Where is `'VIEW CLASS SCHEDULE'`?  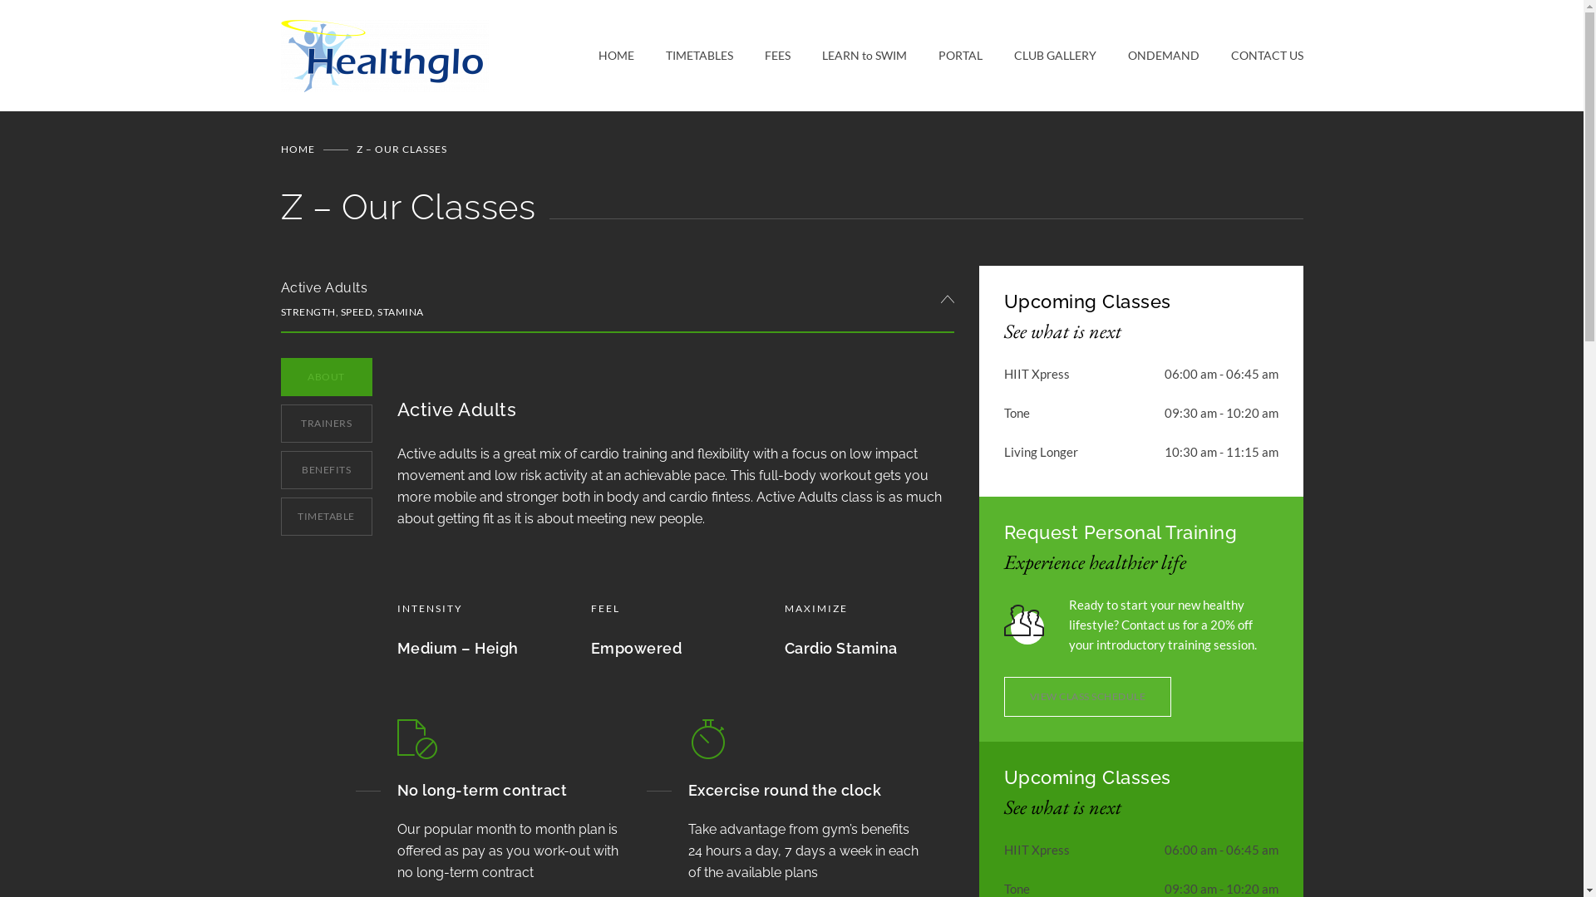 'VIEW CLASS SCHEDULE' is located at coordinates (1088, 697).